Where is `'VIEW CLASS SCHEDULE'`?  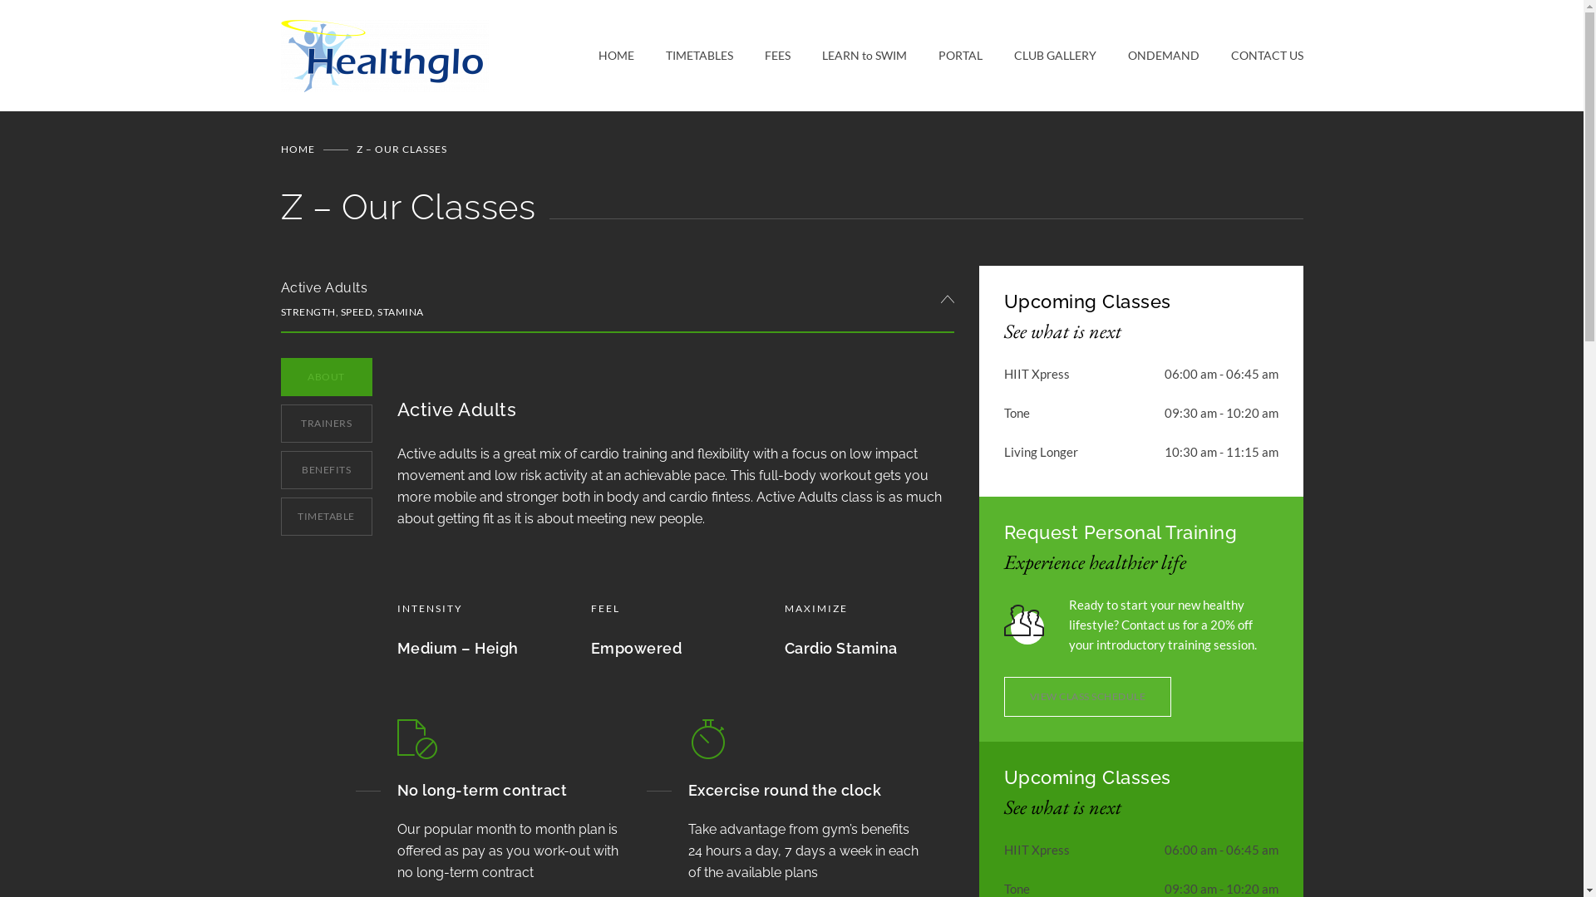 'VIEW CLASS SCHEDULE' is located at coordinates (1088, 697).